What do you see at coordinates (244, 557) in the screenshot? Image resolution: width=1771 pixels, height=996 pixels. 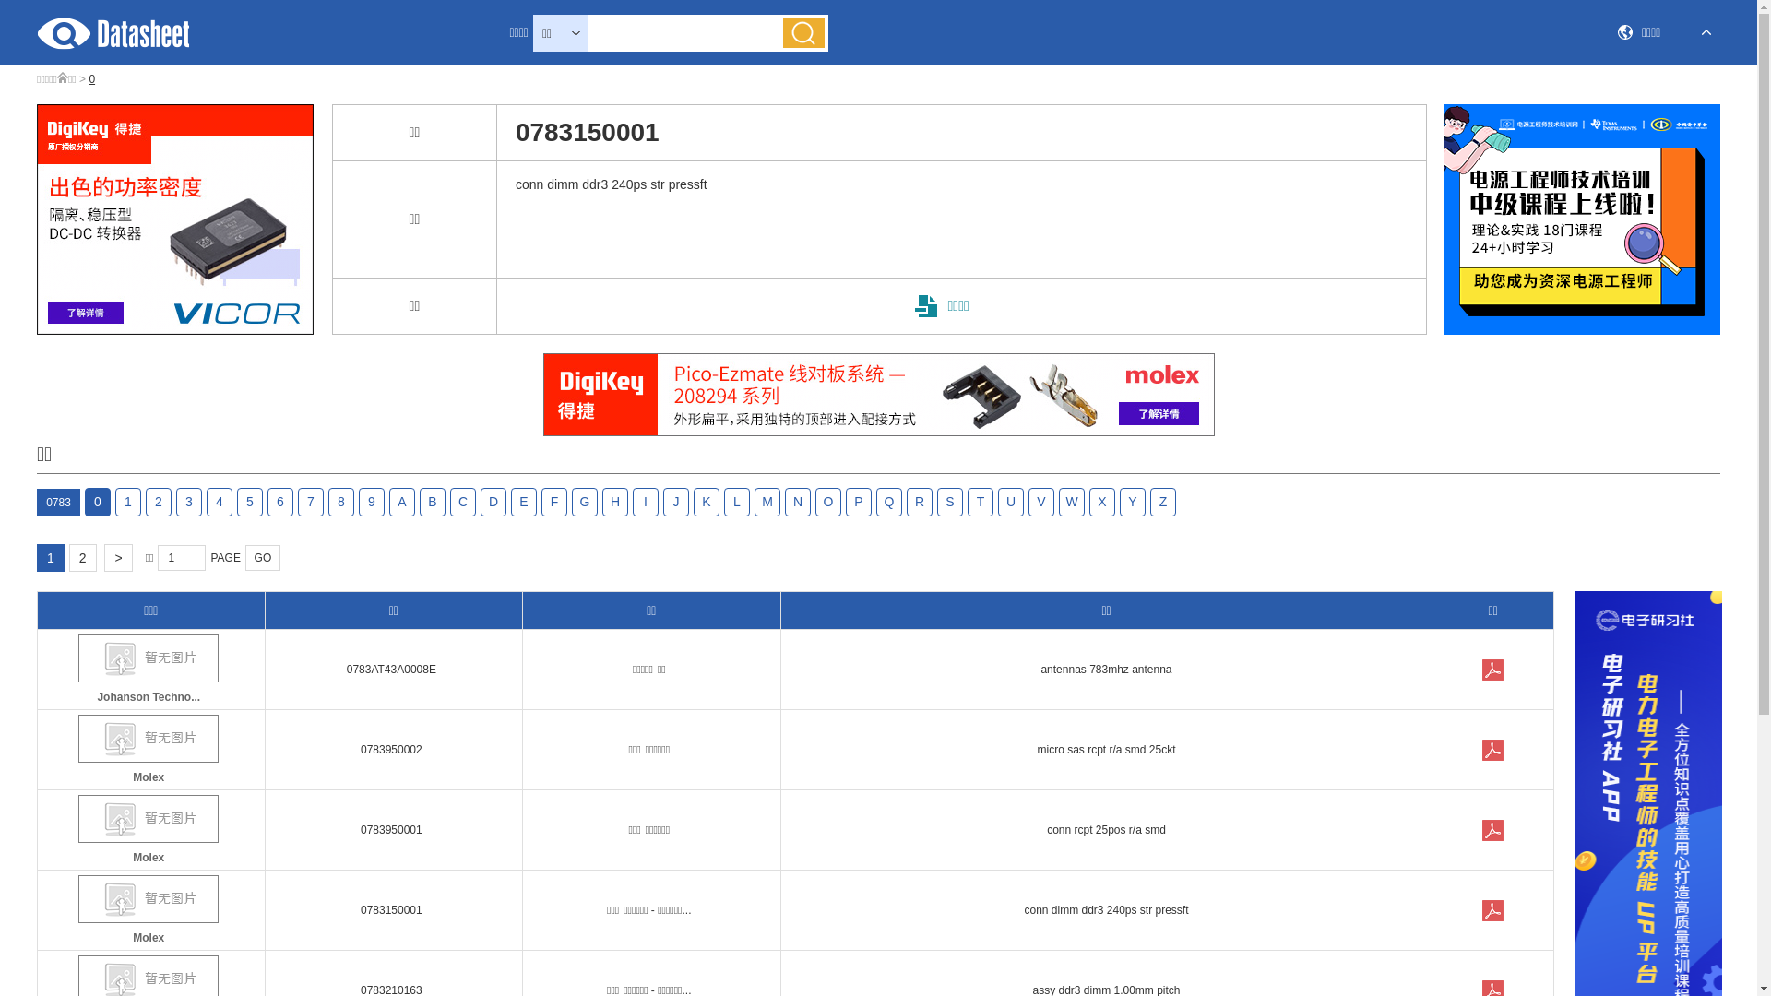 I see `'GO'` at bounding box center [244, 557].